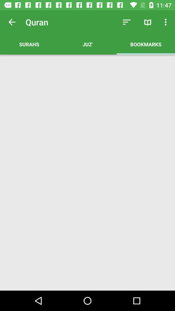  Describe the element at coordinates (29, 44) in the screenshot. I see `the surahs` at that location.